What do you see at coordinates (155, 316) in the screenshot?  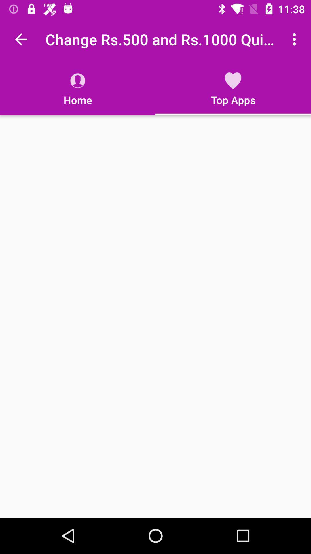 I see `item below home` at bounding box center [155, 316].